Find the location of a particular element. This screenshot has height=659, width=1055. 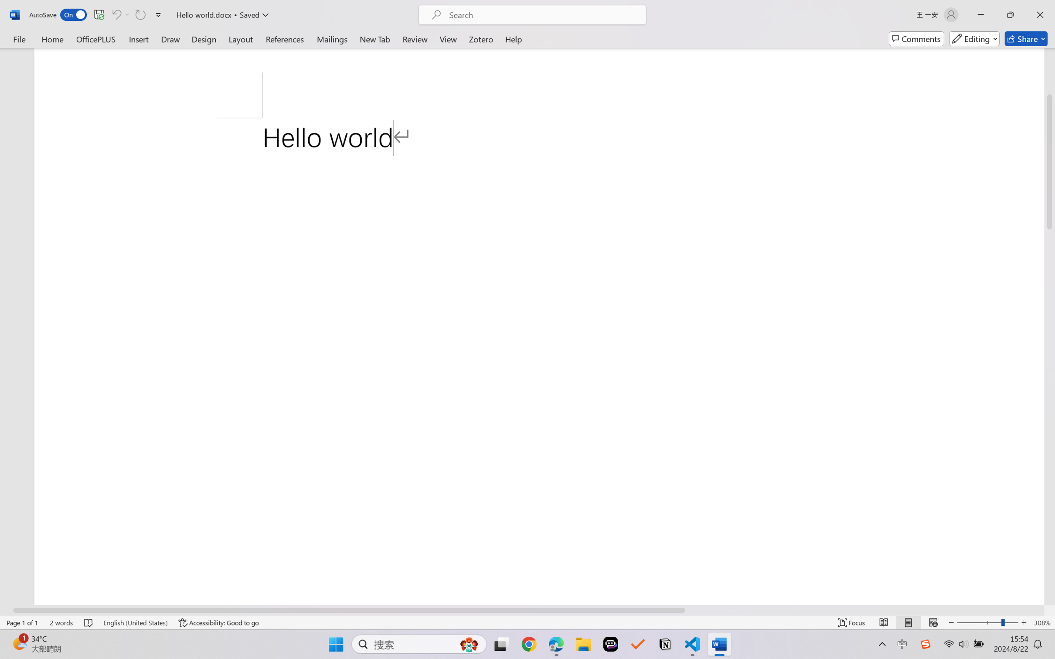

'Zoom Out' is located at coordinates (978, 622).